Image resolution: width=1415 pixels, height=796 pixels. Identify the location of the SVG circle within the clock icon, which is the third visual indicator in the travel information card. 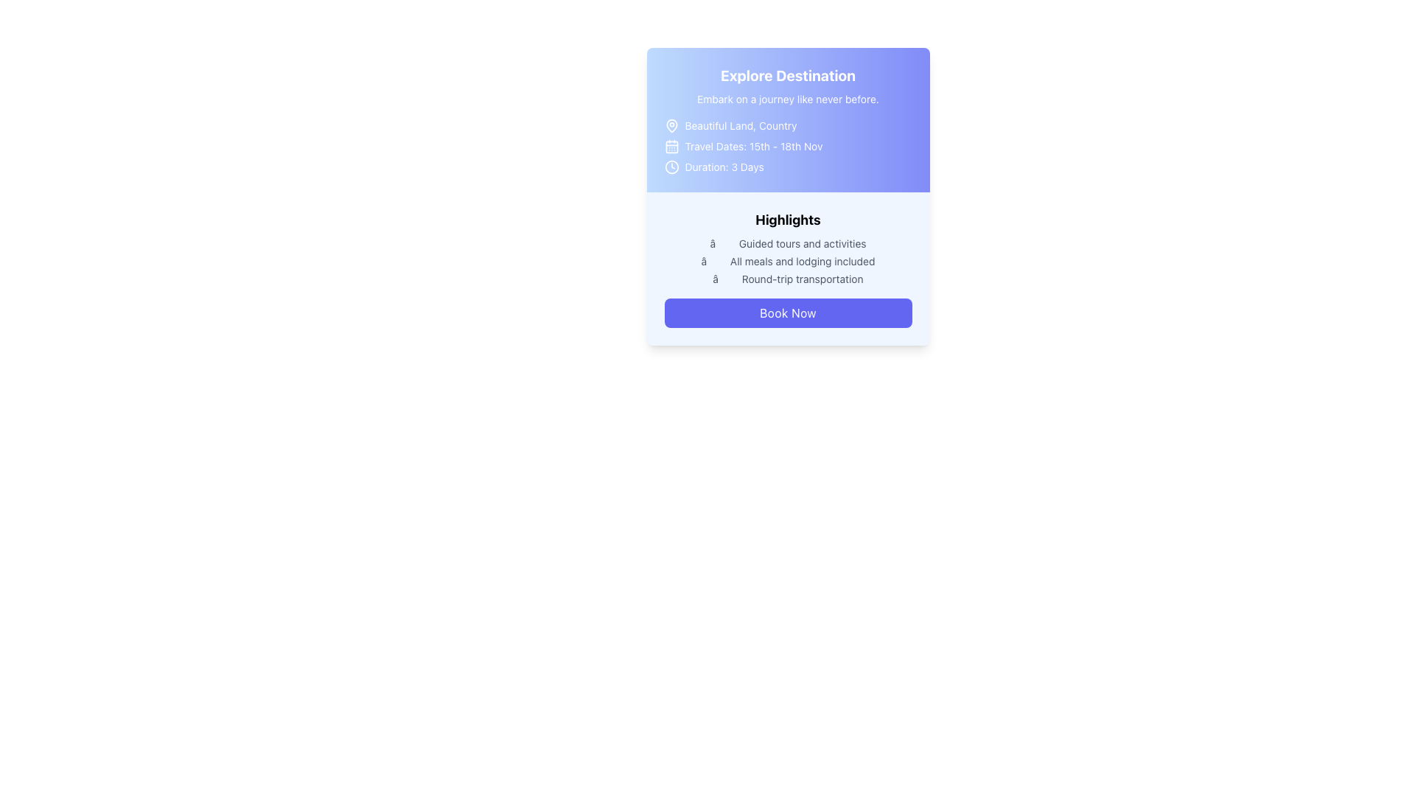
(671, 167).